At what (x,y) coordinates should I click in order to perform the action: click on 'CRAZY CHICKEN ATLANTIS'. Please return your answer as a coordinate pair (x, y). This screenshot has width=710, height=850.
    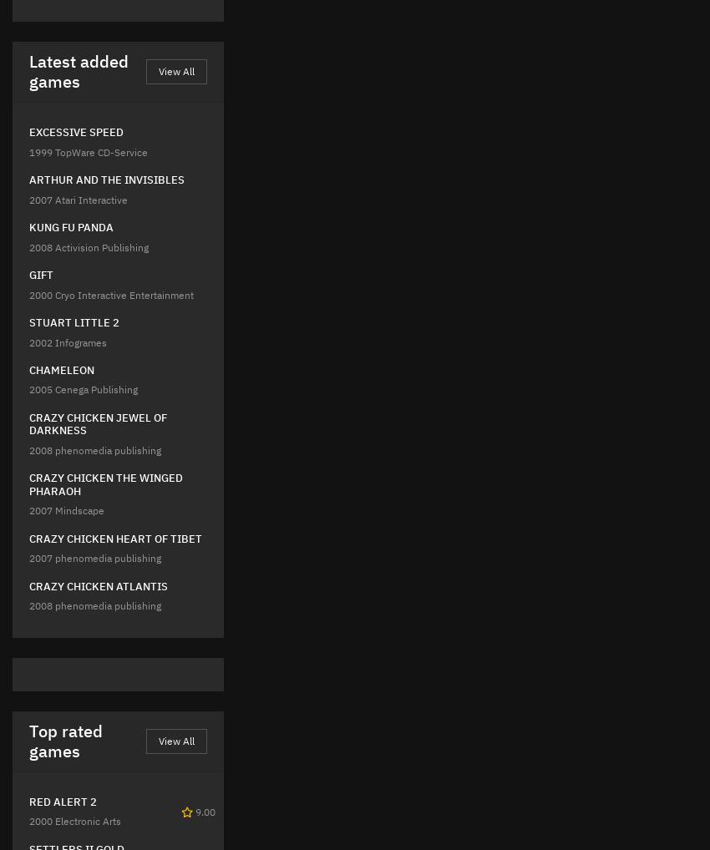
    Looking at the image, I should click on (97, 585).